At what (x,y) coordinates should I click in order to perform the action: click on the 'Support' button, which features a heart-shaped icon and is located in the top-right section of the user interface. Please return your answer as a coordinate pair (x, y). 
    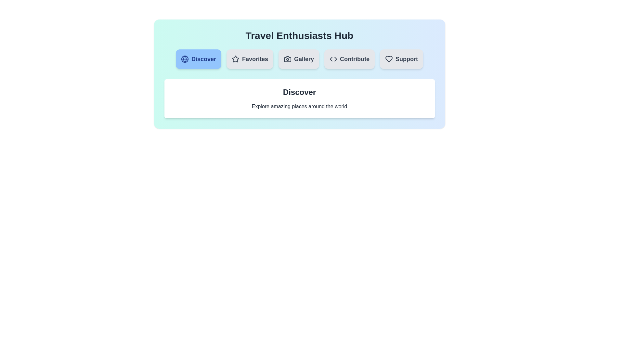
    Looking at the image, I should click on (401, 59).